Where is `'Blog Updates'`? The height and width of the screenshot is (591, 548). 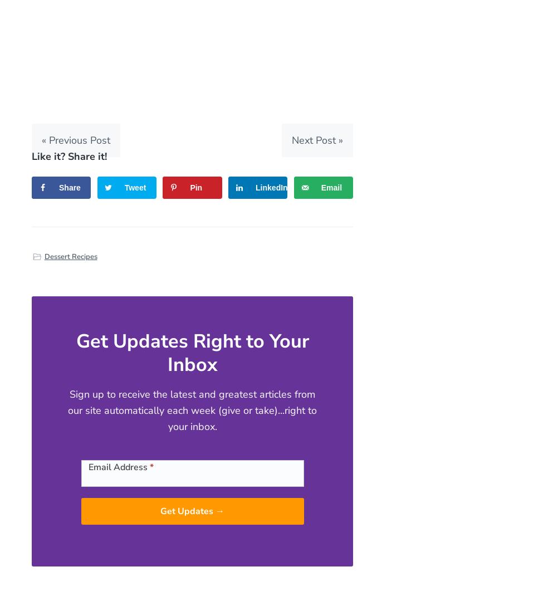
'Blog Updates' is located at coordinates (99, 456).